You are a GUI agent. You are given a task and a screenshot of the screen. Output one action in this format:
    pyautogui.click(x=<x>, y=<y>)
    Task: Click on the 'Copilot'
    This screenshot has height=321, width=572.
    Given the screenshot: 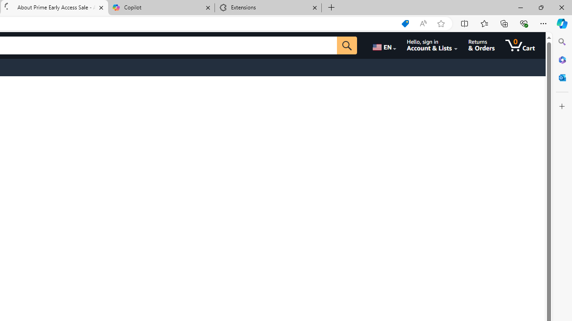 What is the action you would take?
    pyautogui.click(x=161, y=8)
    